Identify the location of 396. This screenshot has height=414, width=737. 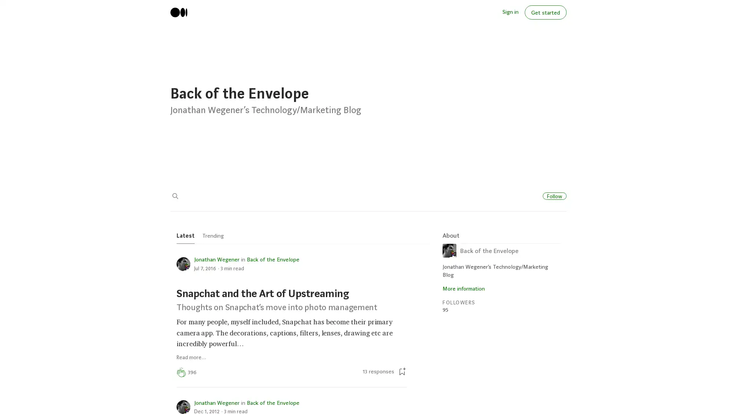
(192, 372).